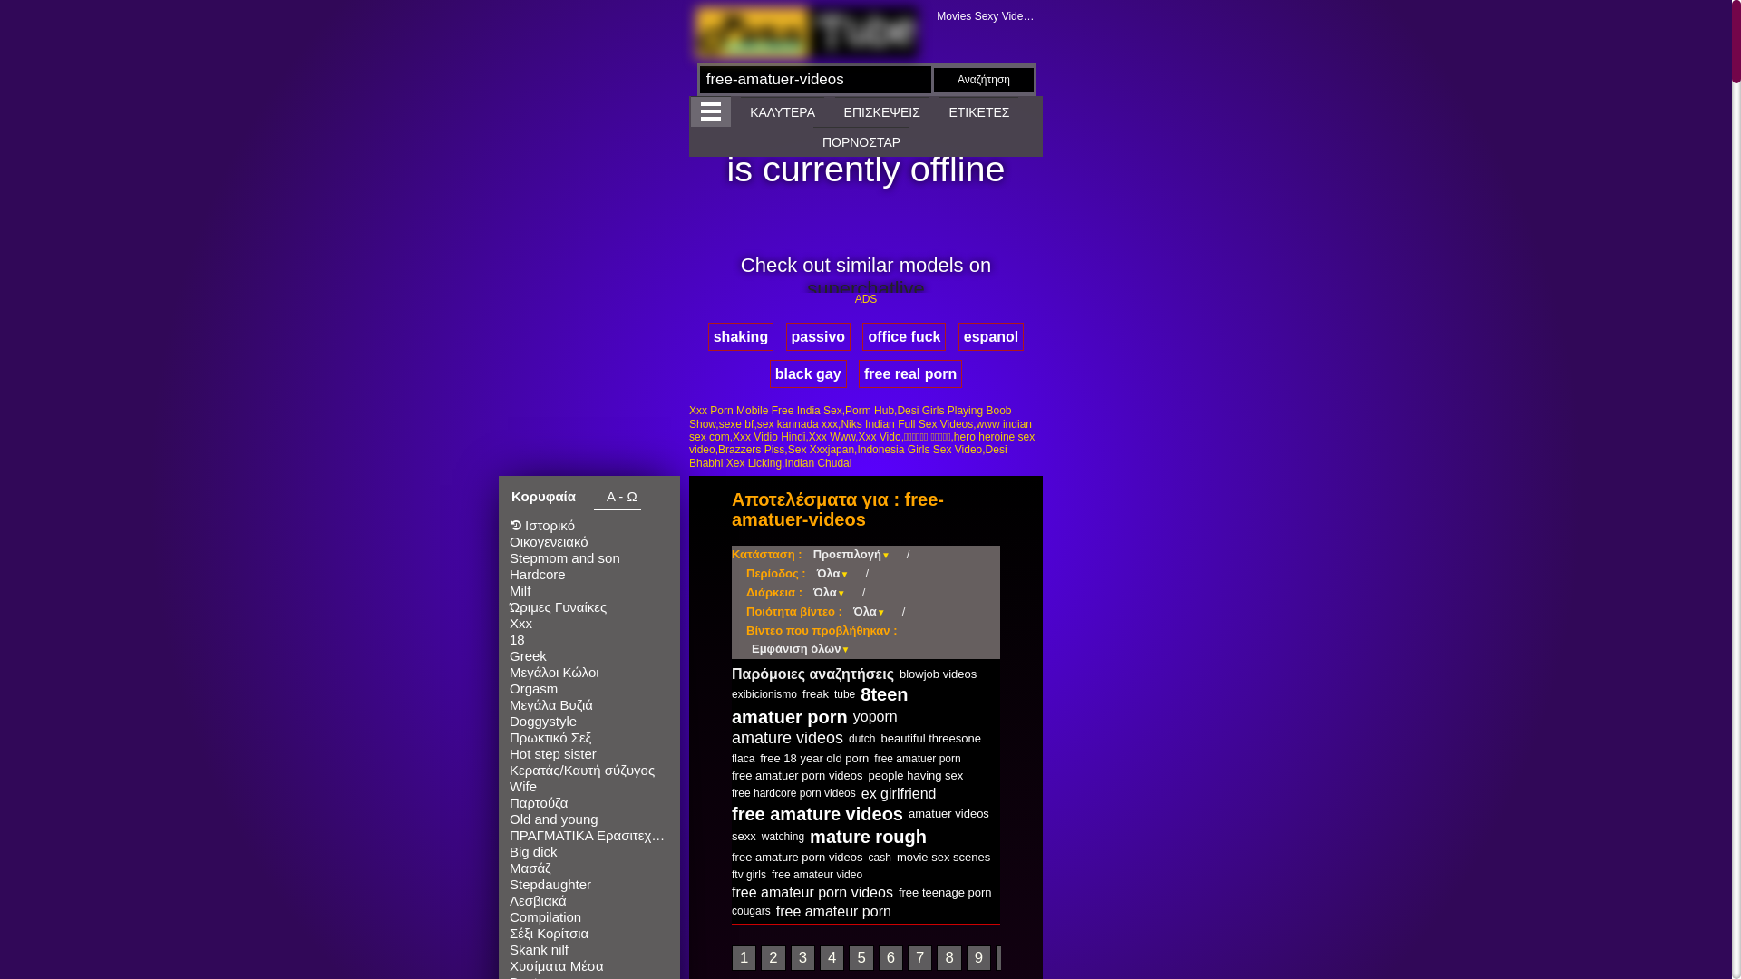 The width and height of the screenshot is (1741, 979). I want to click on '2', so click(773, 956).